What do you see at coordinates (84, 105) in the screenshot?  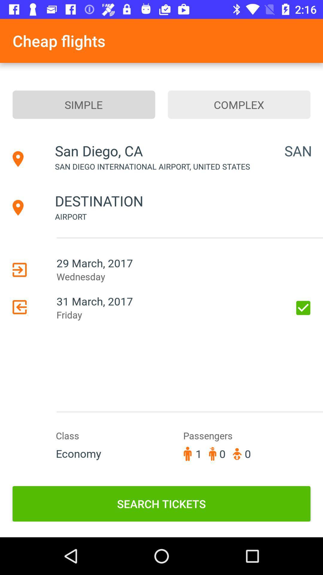 I see `icon above san diego, ca icon` at bounding box center [84, 105].